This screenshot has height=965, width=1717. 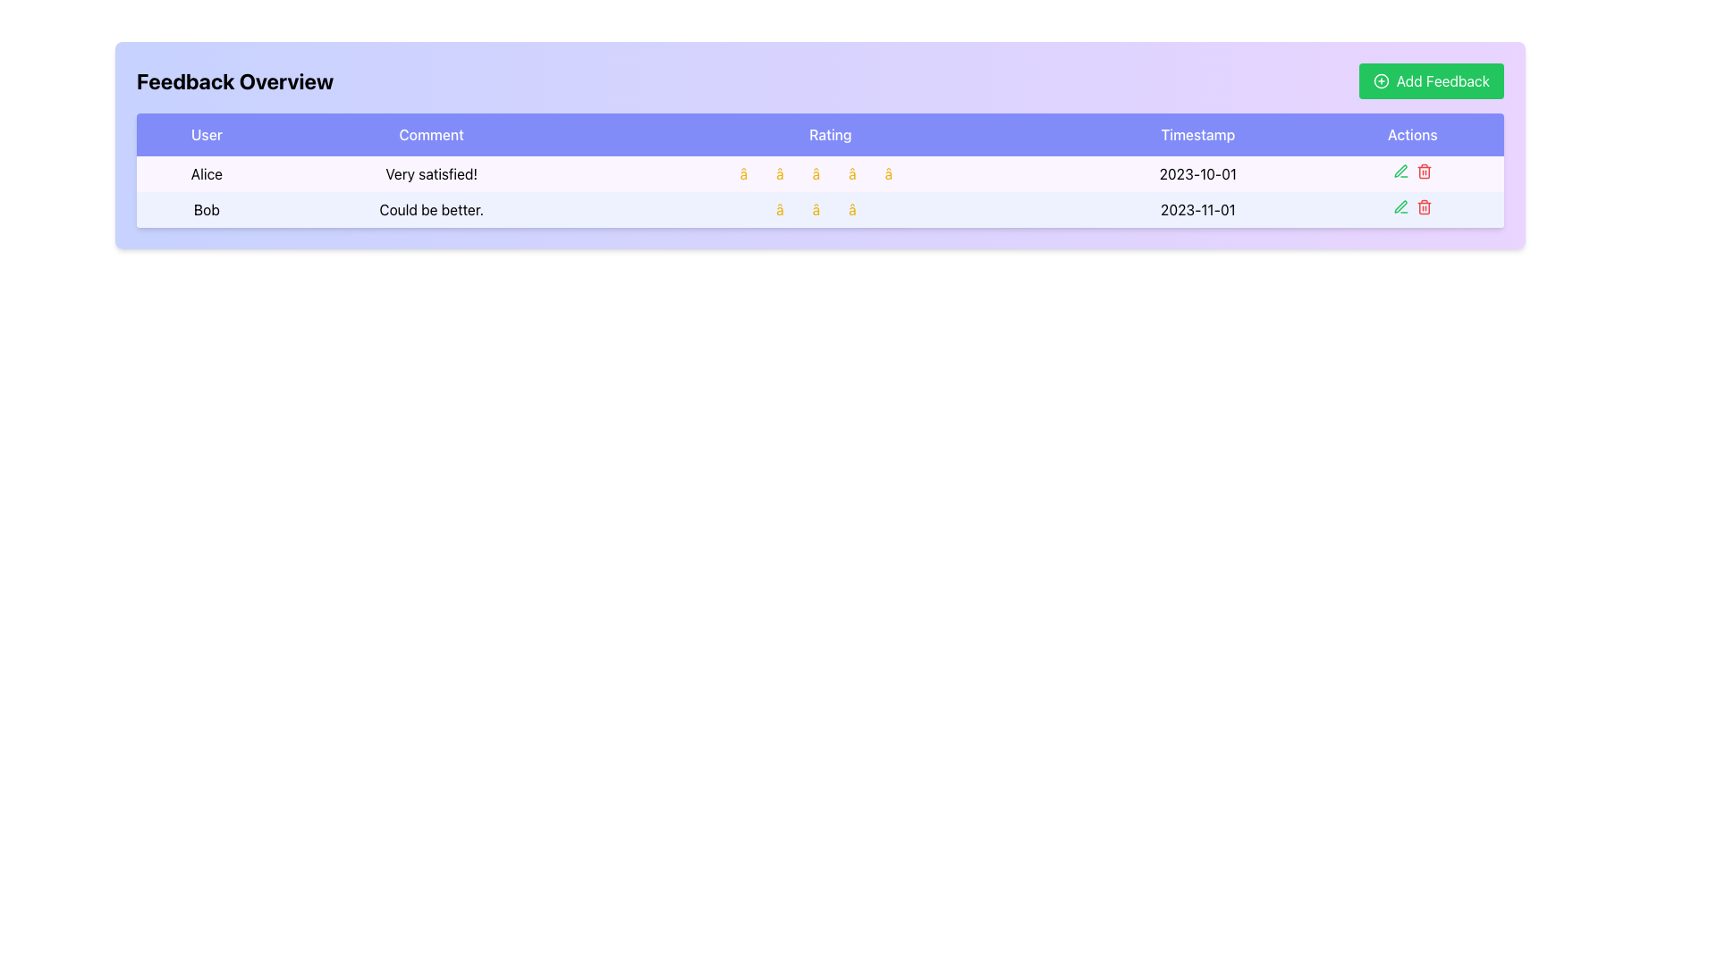 What do you see at coordinates (1400, 171) in the screenshot?
I see `the pen icon in the second row of the feedback table's 'Actions' column, which is adjacent to a trashcan icon` at bounding box center [1400, 171].